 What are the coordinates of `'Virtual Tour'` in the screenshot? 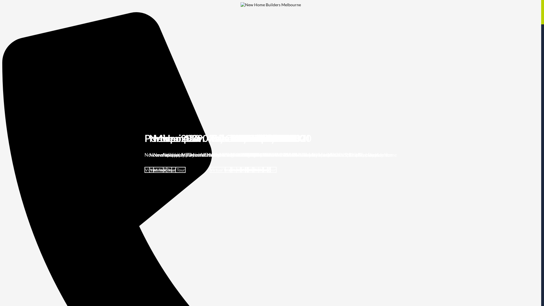 It's located at (156, 169).